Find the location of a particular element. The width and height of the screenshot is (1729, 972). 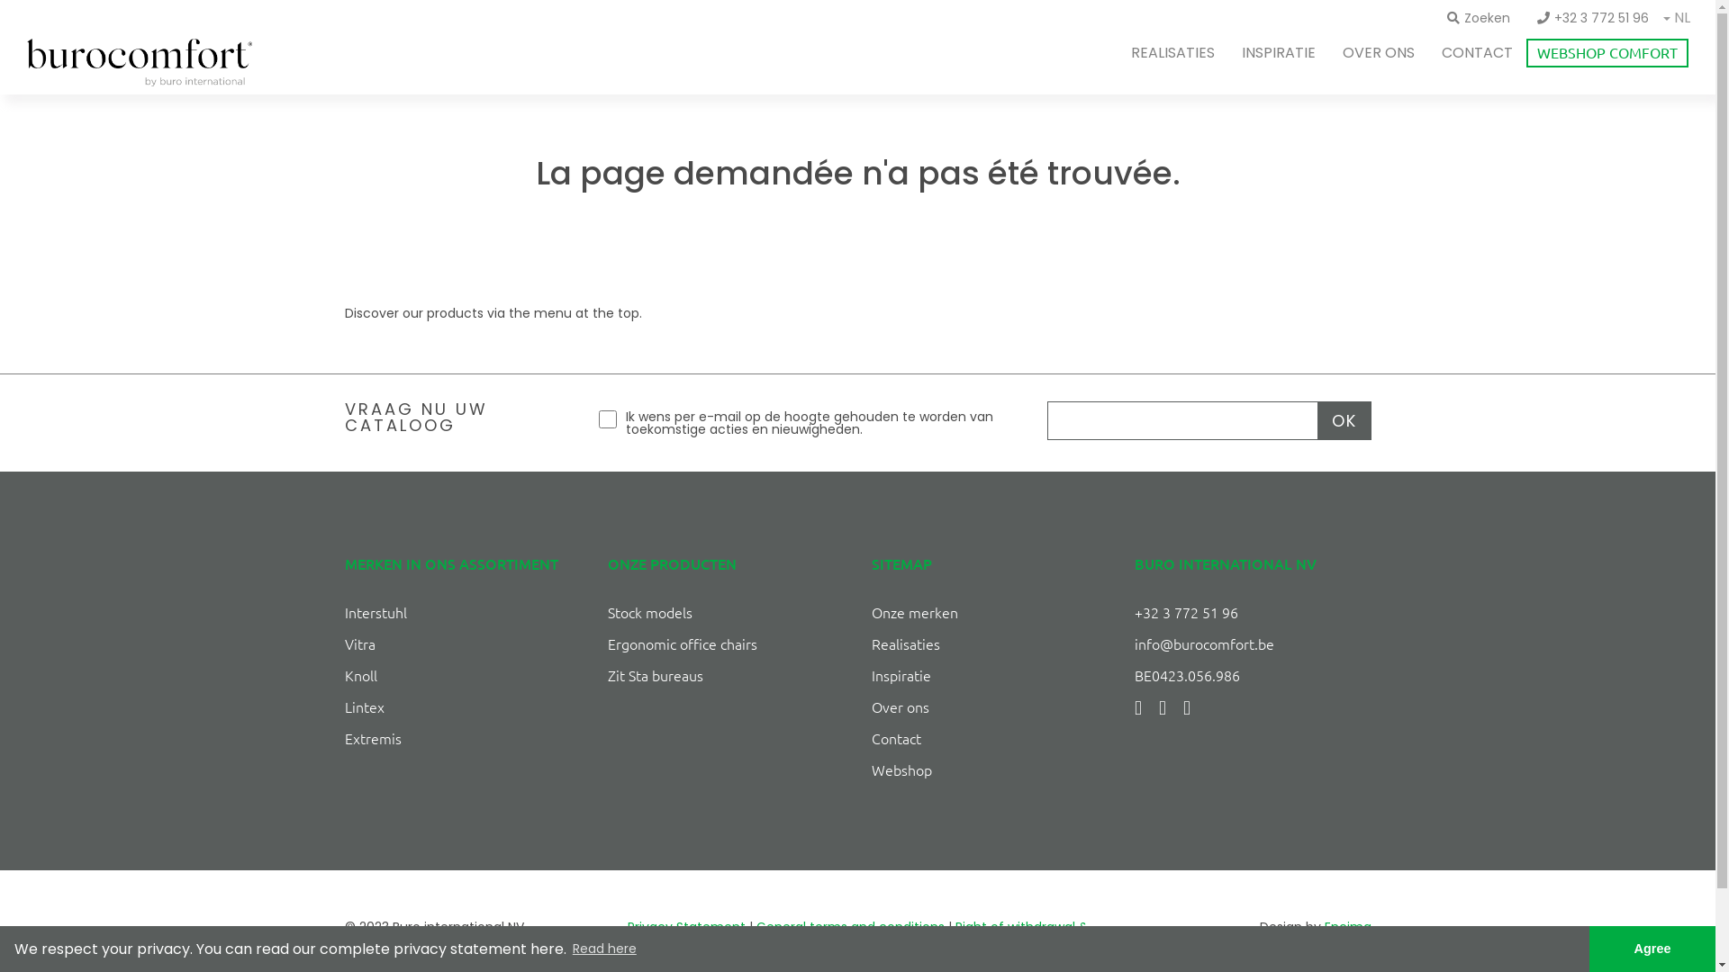

'Privacy Statement' is located at coordinates (627, 926).